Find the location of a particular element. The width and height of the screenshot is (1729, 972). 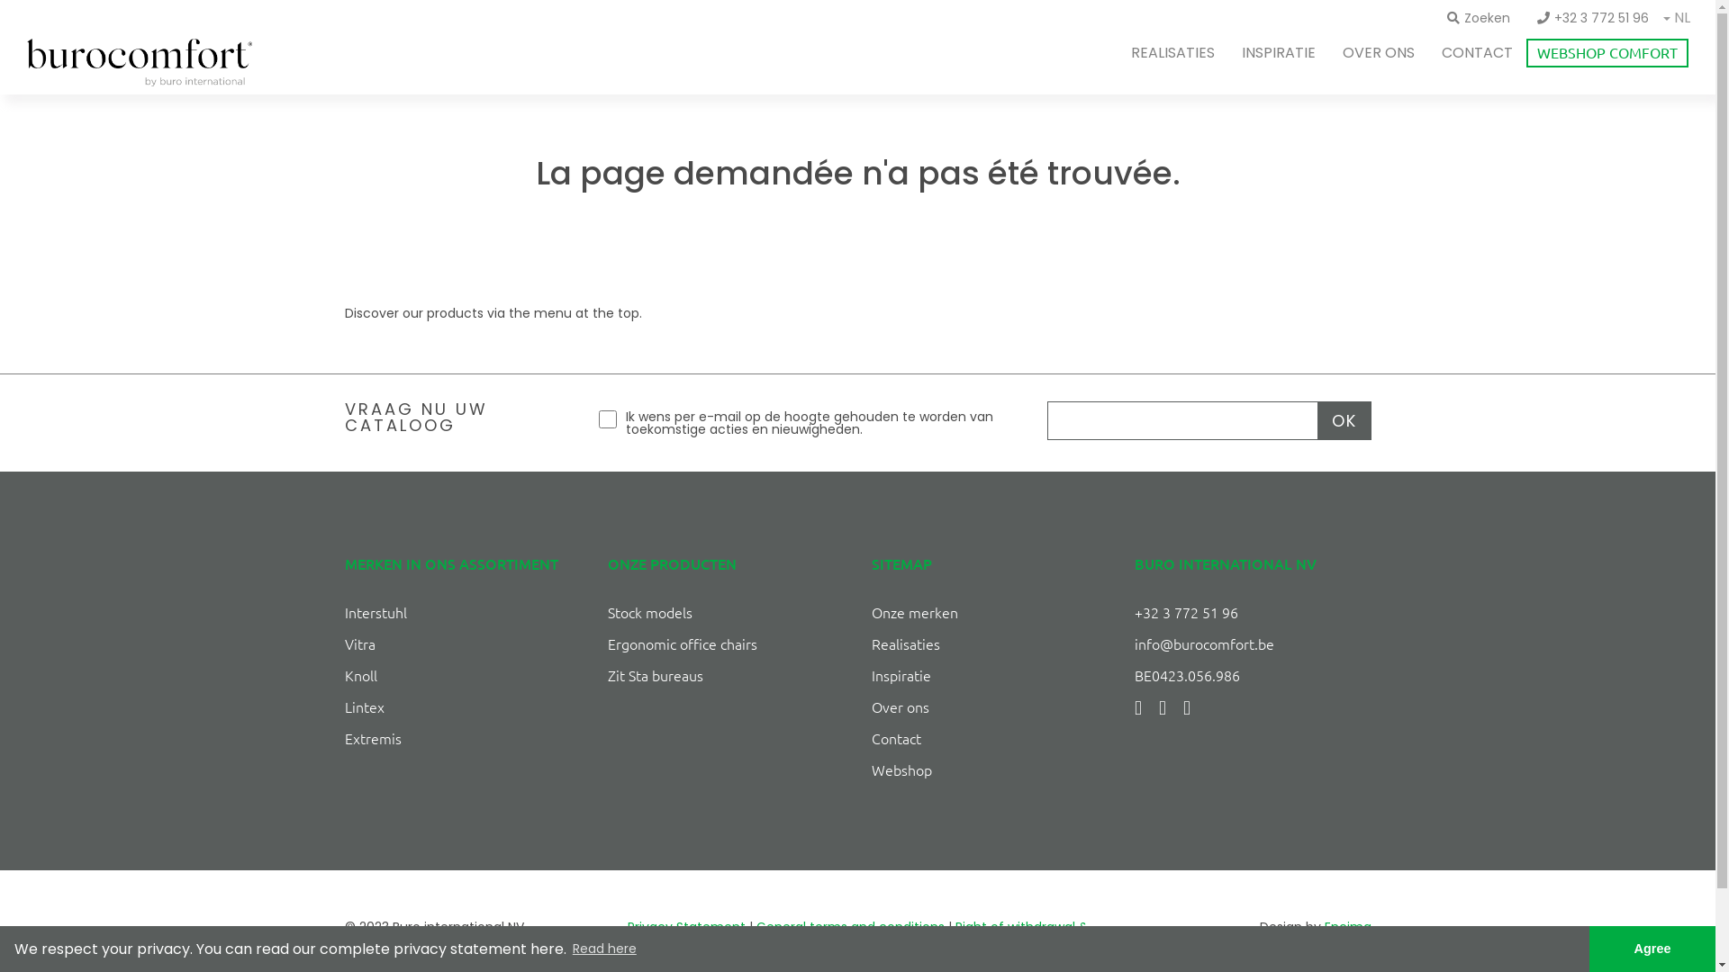

'Privacy Statement' is located at coordinates (627, 926).